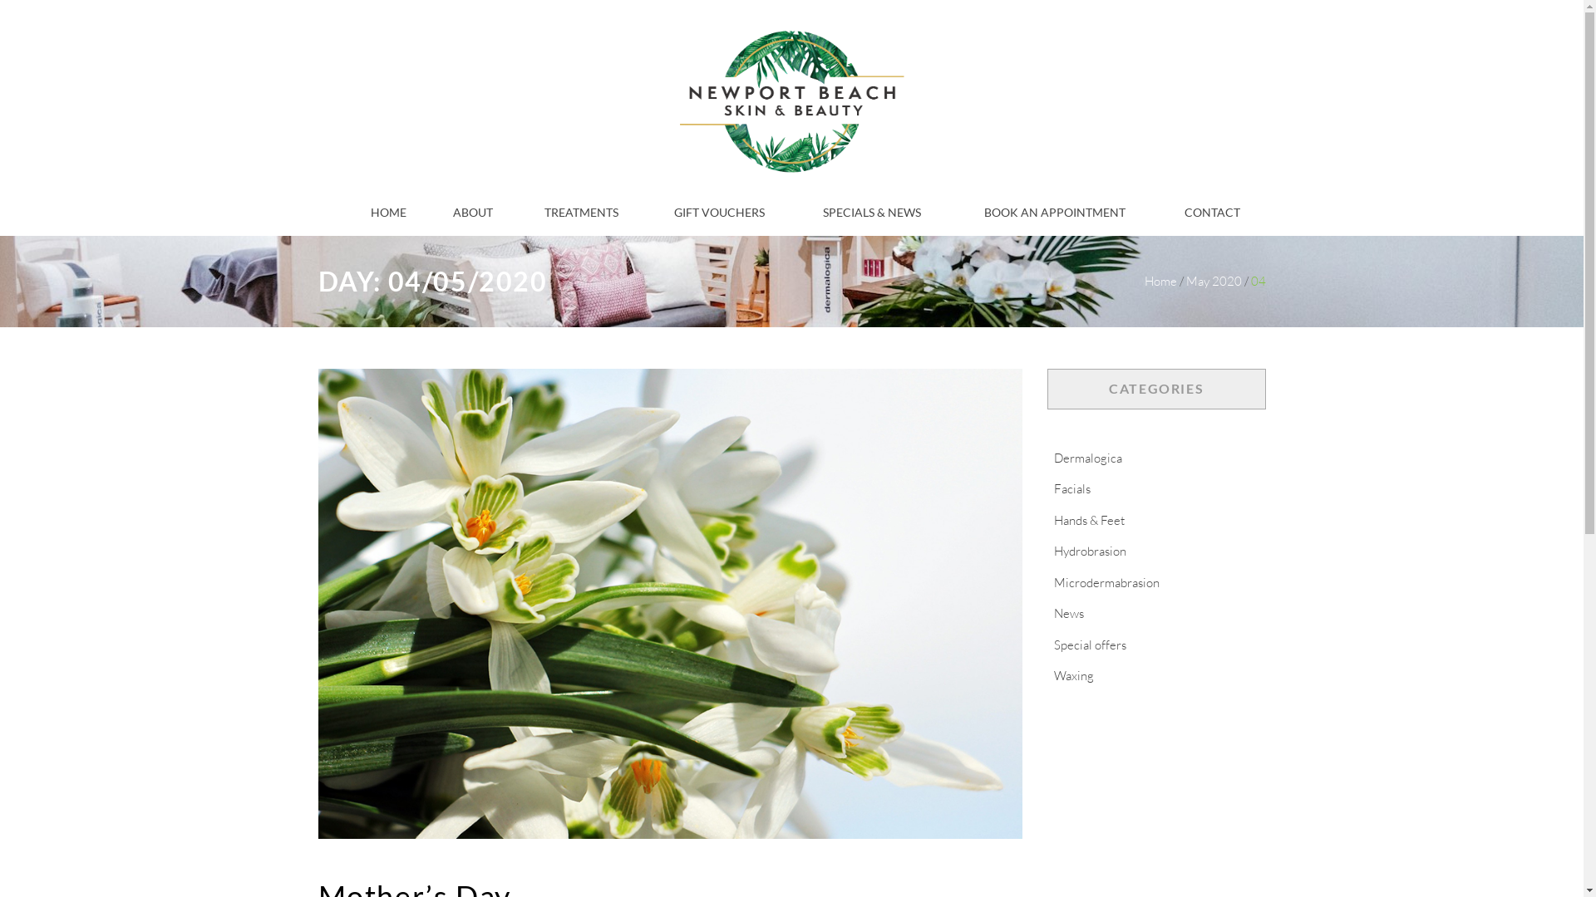 This screenshot has height=897, width=1596. Describe the element at coordinates (1046, 675) in the screenshot. I see `'Waxing'` at that location.